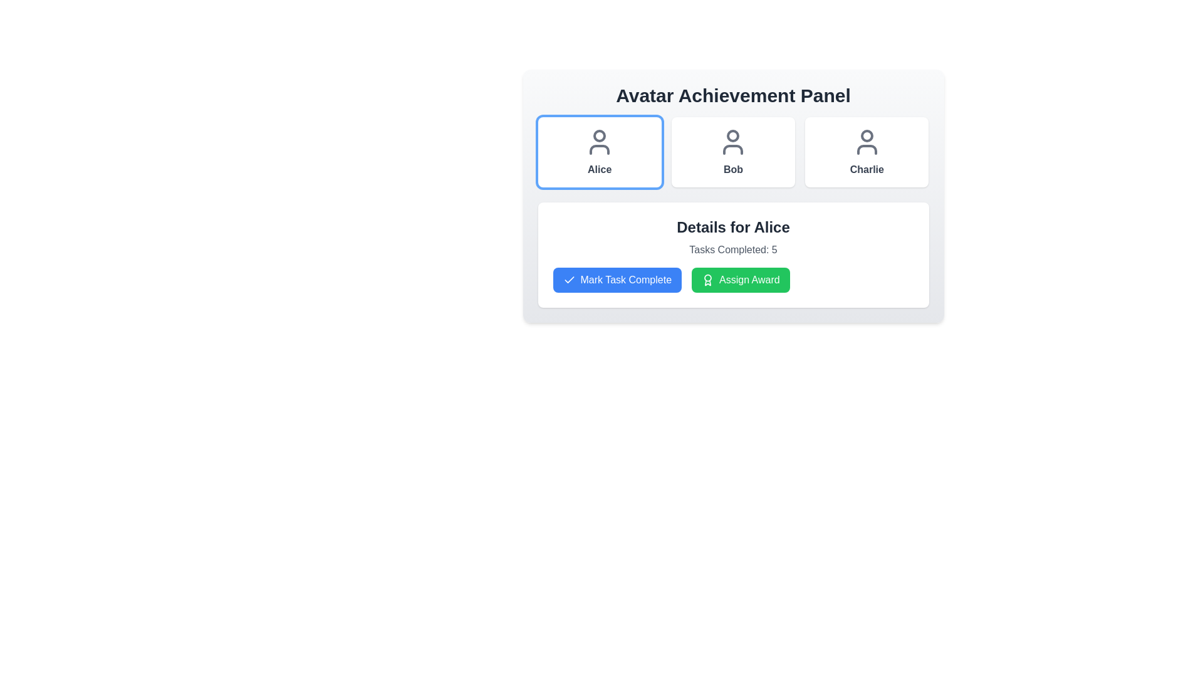  What do you see at coordinates (733, 95) in the screenshot?
I see `the title text label positioned at the top-central part of the card component, which serves as a heading for user avatars and associated tasks` at bounding box center [733, 95].